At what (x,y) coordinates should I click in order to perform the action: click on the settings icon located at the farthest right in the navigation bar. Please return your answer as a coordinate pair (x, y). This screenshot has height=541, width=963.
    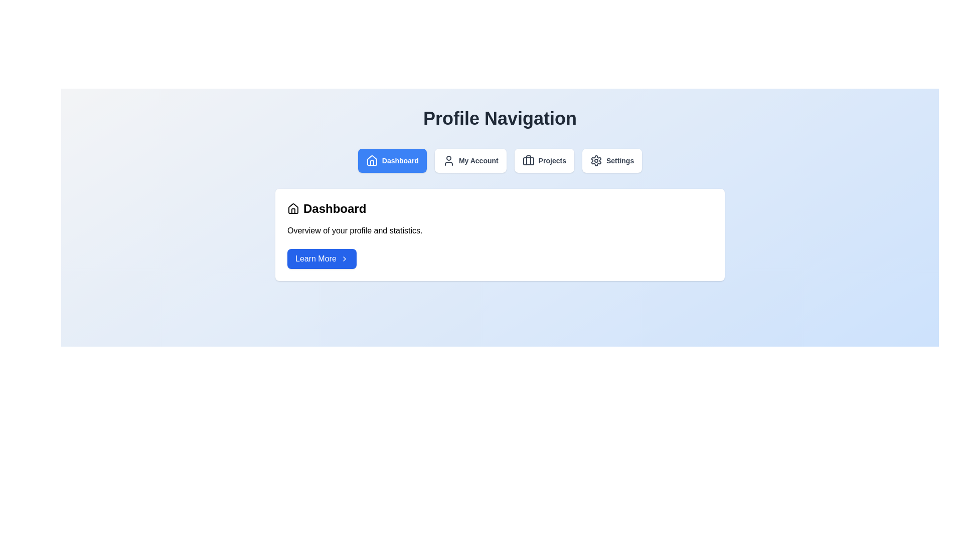
    Looking at the image, I should click on (596, 160).